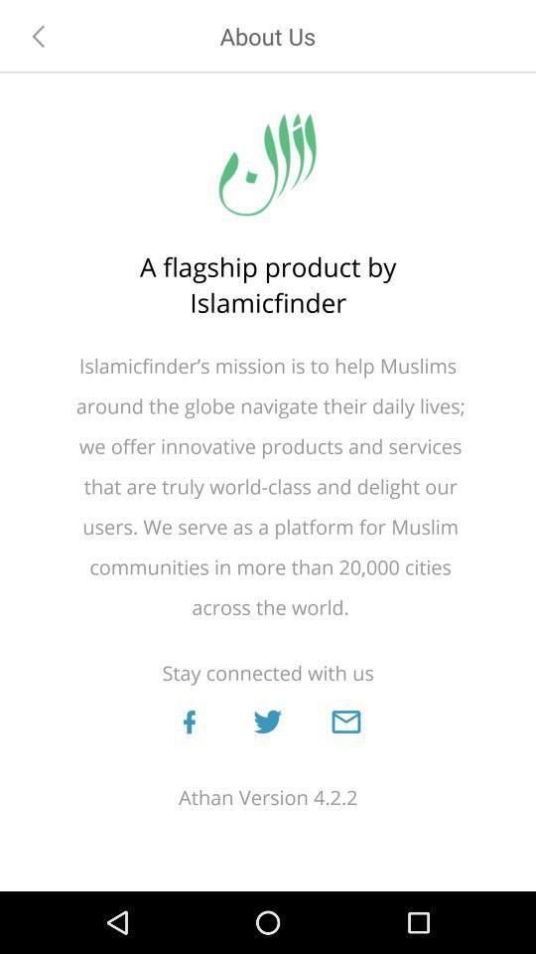 The width and height of the screenshot is (536, 954). What do you see at coordinates (267, 720) in the screenshot?
I see `connect to our twitter` at bounding box center [267, 720].